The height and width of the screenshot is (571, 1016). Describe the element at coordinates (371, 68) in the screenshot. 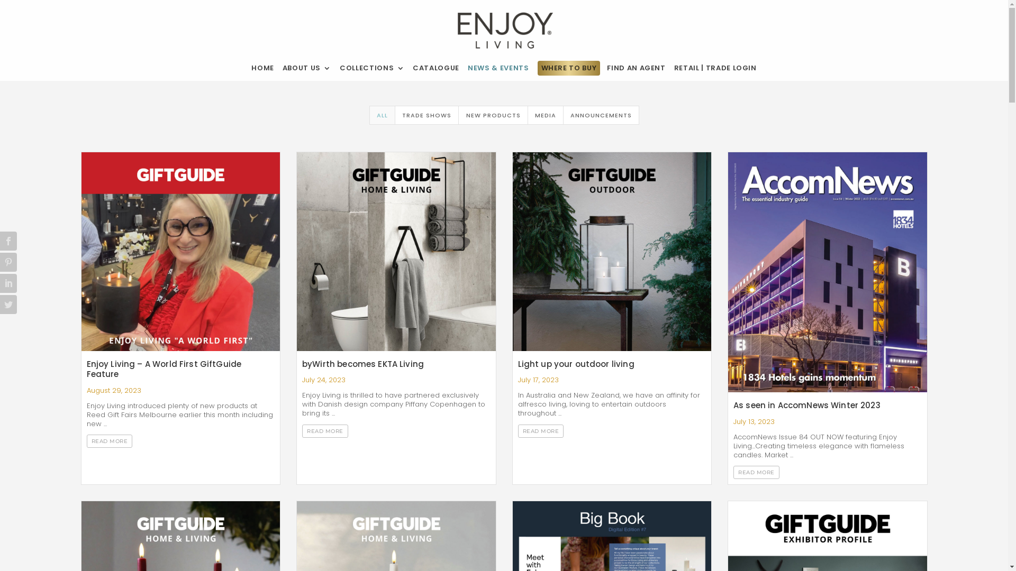

I see `'COLLECTIONS'` at that location.